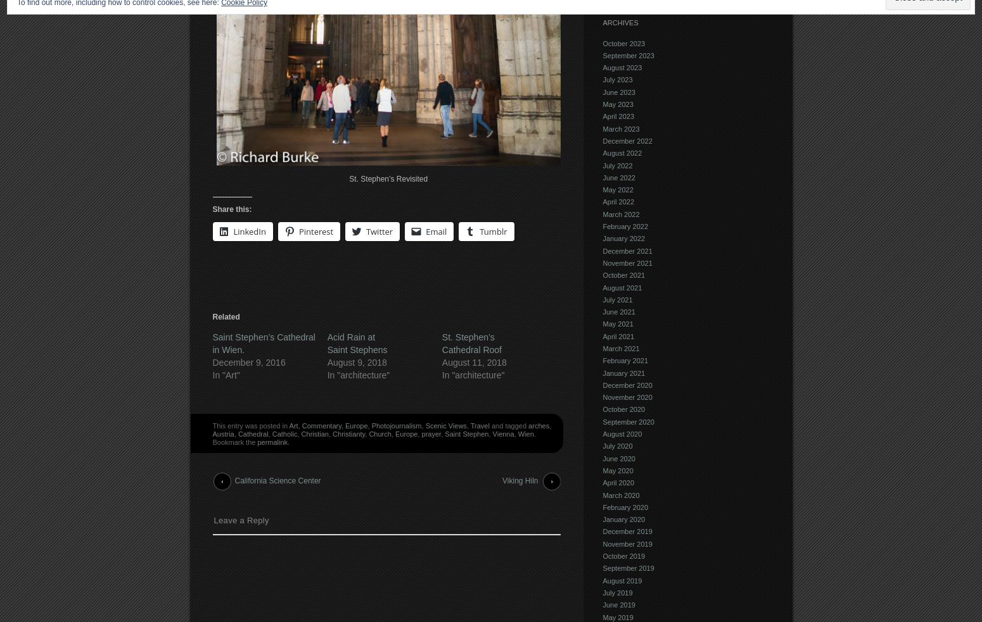 The image size is (982, 622). Describe the element at coordinates (388, 179) in the screenshot. I see `'St. Stephen’s Revisited'` at that location.